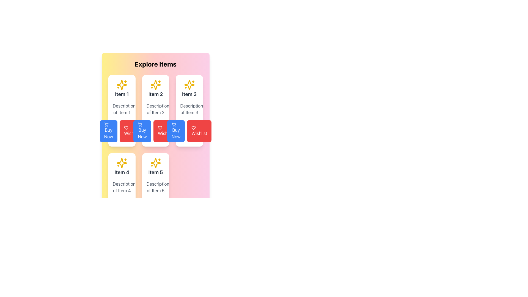 The width and height of the screenshot is (528, 297). Describe the element at coordinates (174, 124) in the screenshot. I see `the shopping cart icon located near the bottom-center of the interface` at that location.